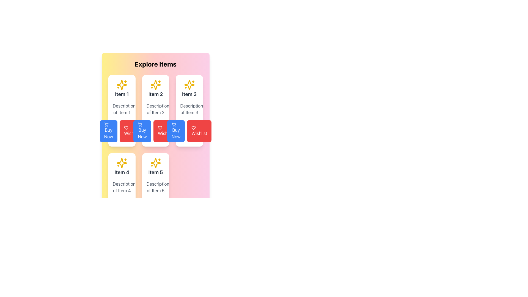 The width and height of the screenshot is (528, 297). Describe the element at coordinates (174, 124) in the screenshot. I see `the shopping cart icon located near the bottom-center of the interface` at that location.